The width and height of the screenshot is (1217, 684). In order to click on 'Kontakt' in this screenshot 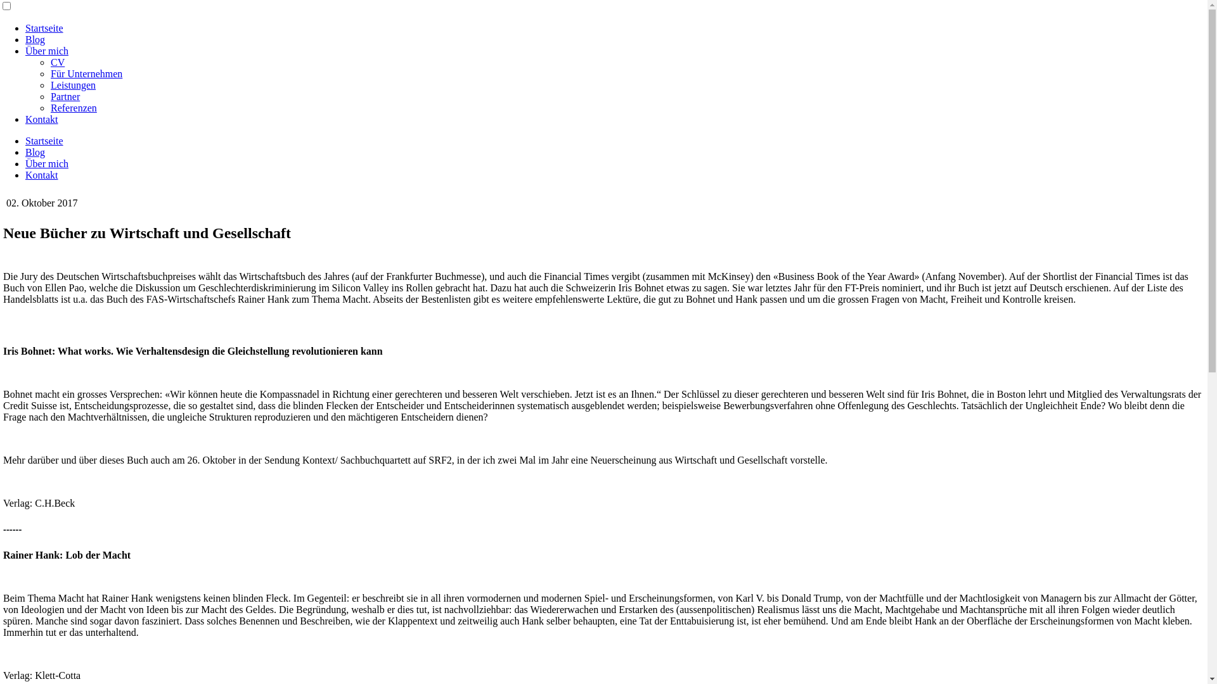, I will do `click(25, 175)`.